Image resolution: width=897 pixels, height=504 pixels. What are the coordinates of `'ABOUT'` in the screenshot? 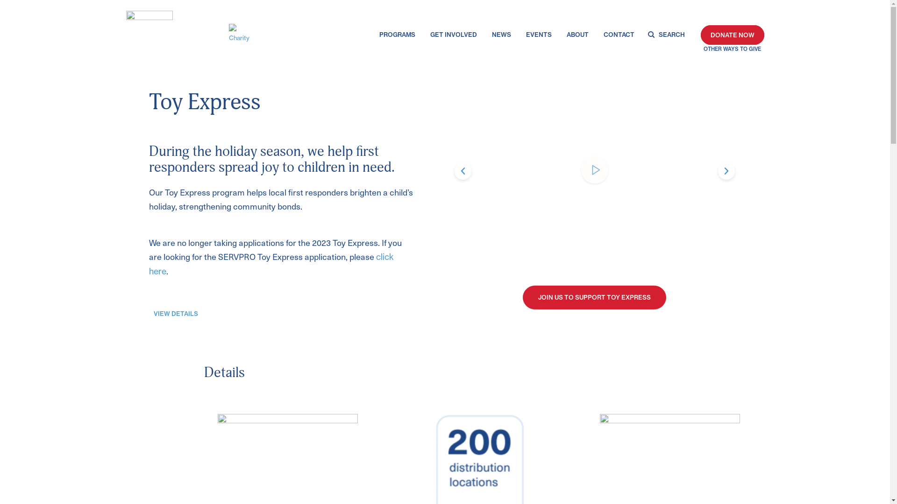 It's located at (577, 36).